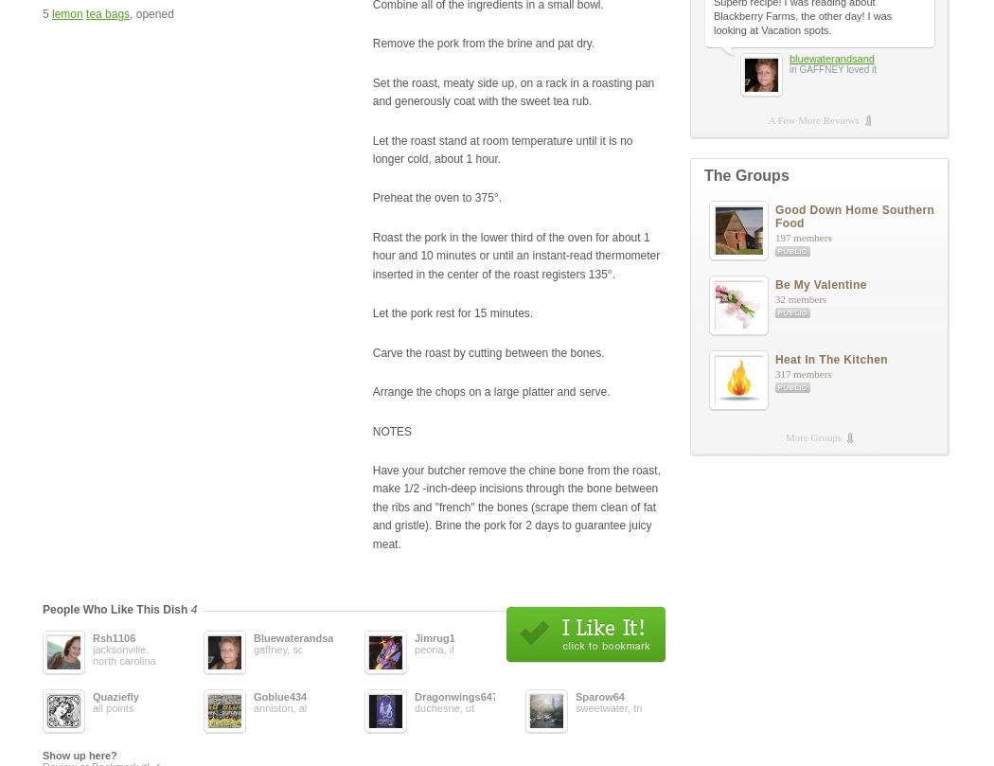  I want to click on 'Good Down Home Southern Food', so click(855, 216).